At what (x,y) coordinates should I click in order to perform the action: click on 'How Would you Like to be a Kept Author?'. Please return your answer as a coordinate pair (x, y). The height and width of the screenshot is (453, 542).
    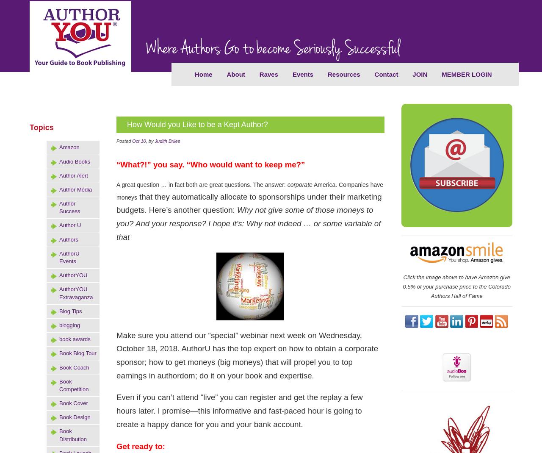
    Looking at the image, I should click on (127, 124).